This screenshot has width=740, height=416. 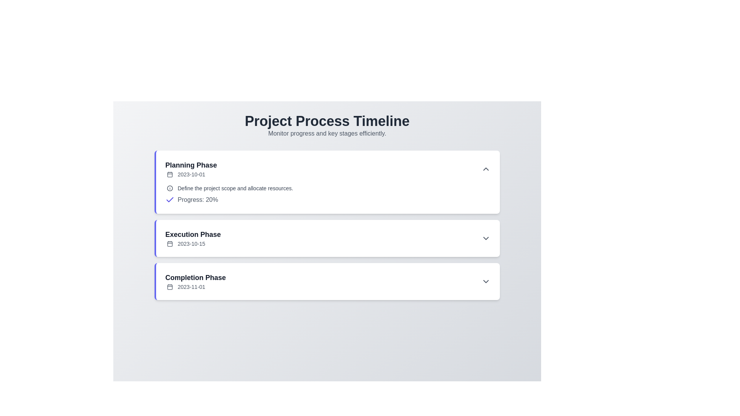 I want to click on the calendar icon located within the 'Execution Phase' card, so click(x=170, y=243).